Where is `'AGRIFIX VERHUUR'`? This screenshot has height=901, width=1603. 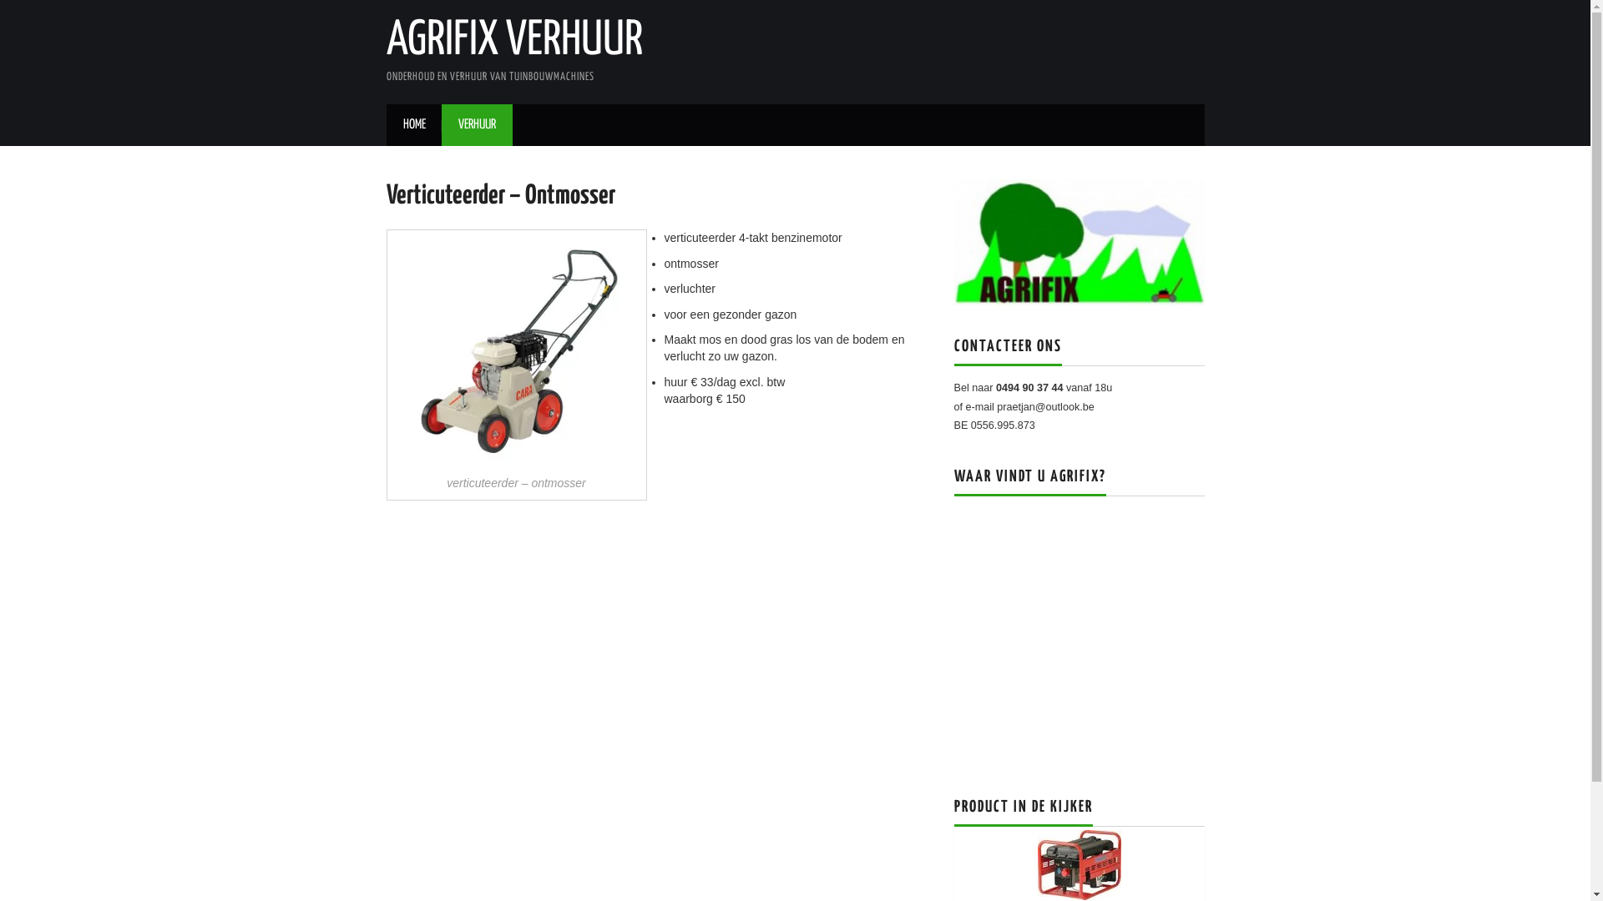 'AGRIFIX VERHUUR' is located at coordinates (513, 40).